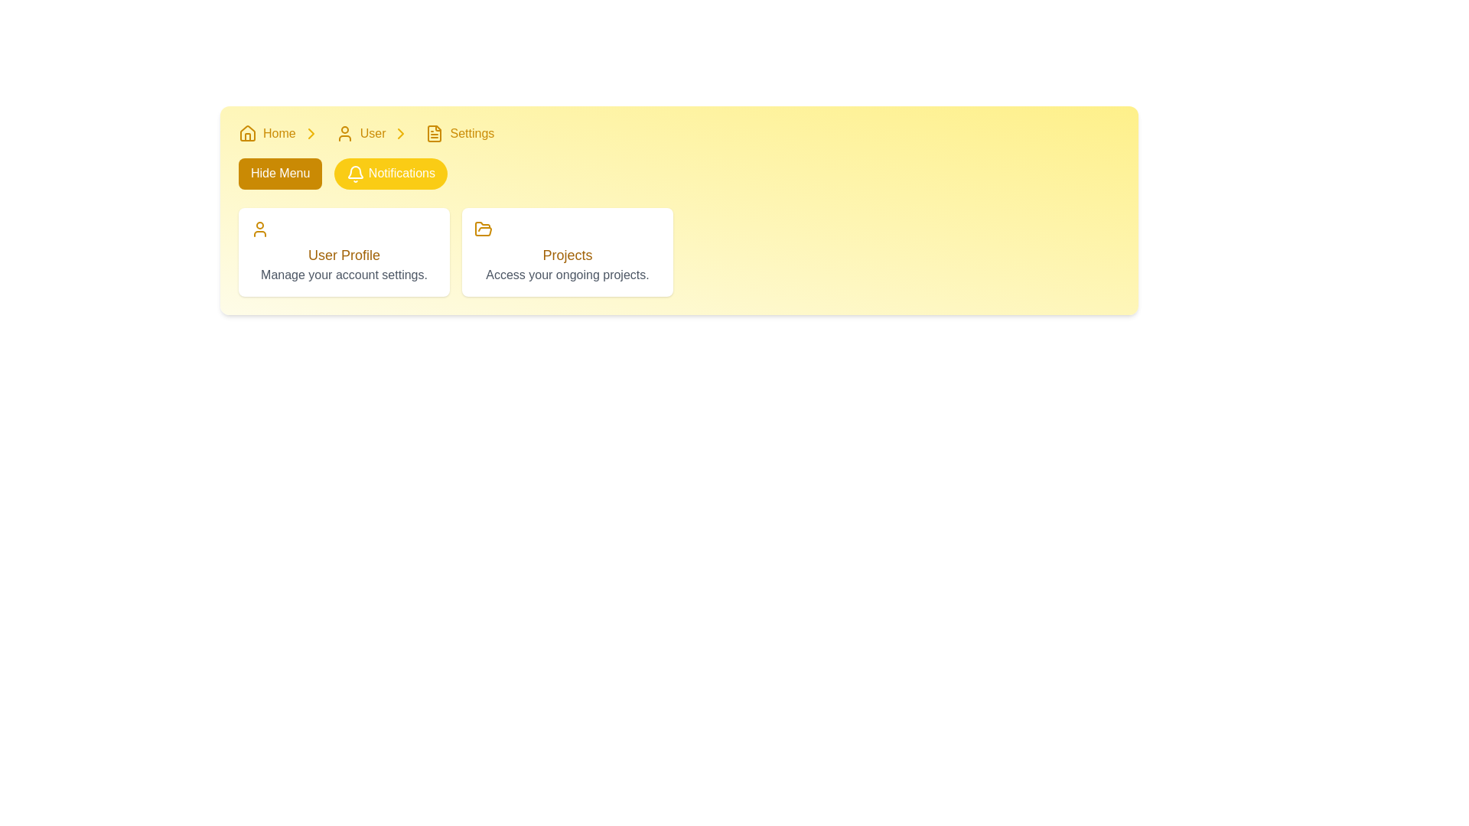 This screenshot has width=1469, height=826. I want to click on the 'Notifications' button with a yellow background and a notification bell icon located, so click(391, 173).